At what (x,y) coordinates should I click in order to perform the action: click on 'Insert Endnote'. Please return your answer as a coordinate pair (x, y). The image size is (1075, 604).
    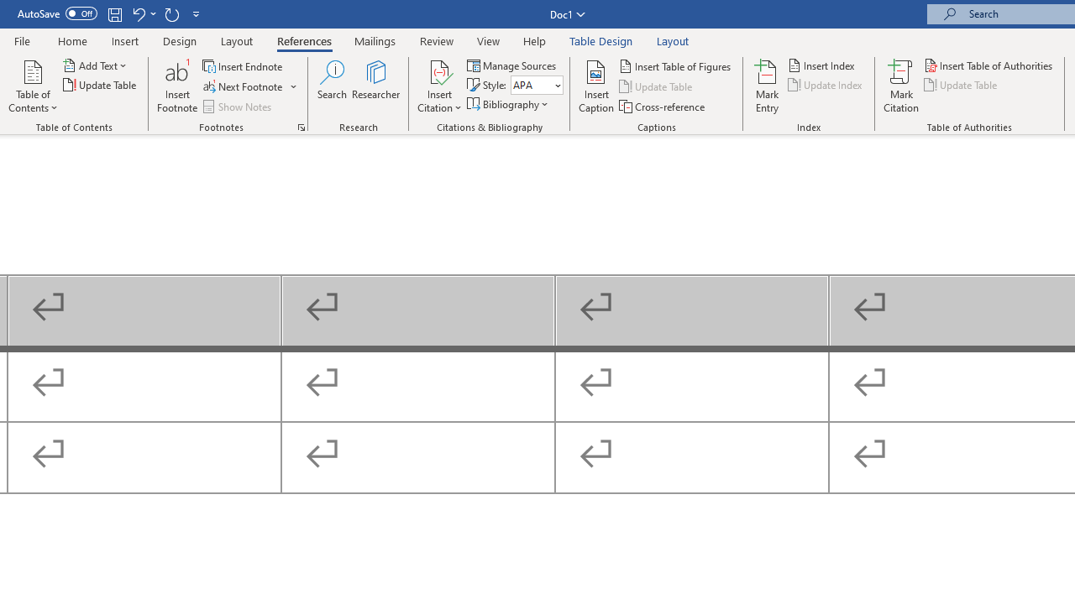
    Looking at the image, I should click on (243, 65).